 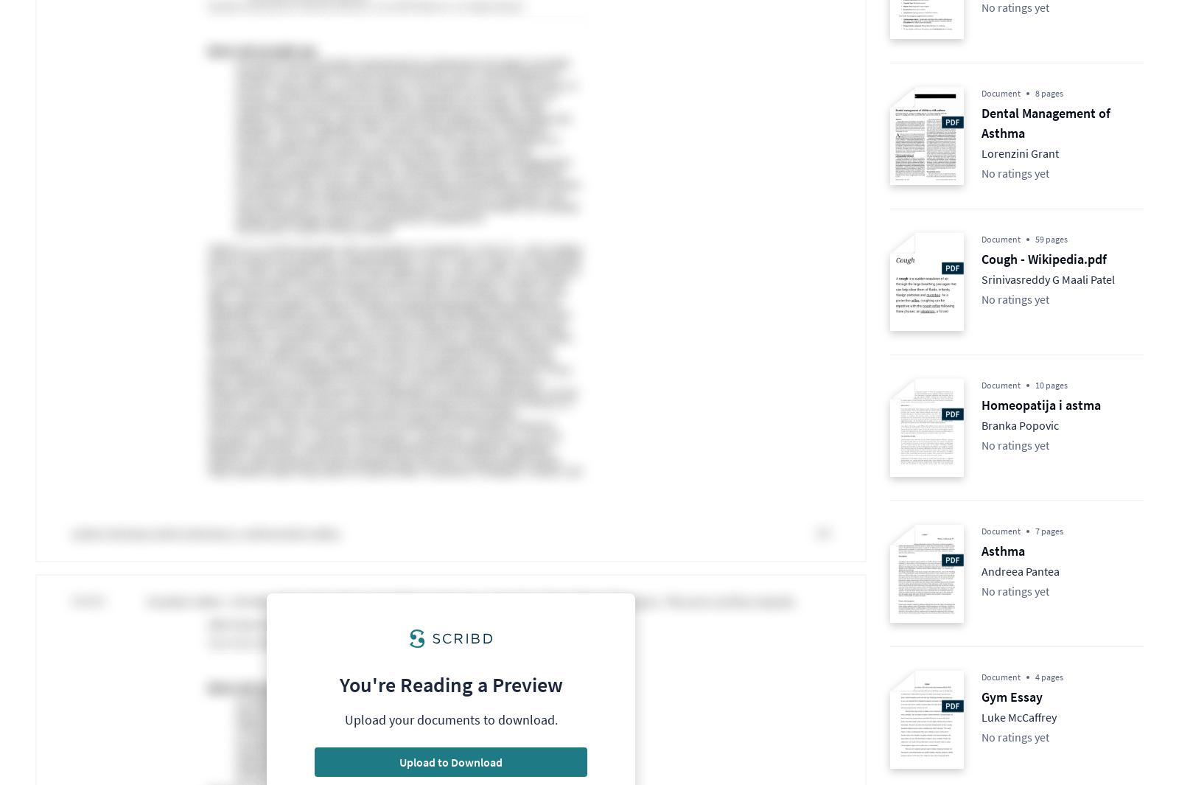 What do you see at coordinates (1019, 571) in the screenshot?
I see `'Andreea Pantea'` at bounding box center [1019, 571].